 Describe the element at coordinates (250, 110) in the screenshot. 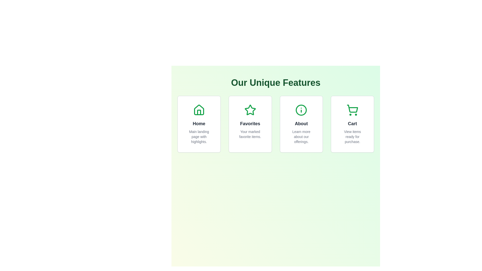

I see `the star icon located in the 'Favorites' card` at that location.